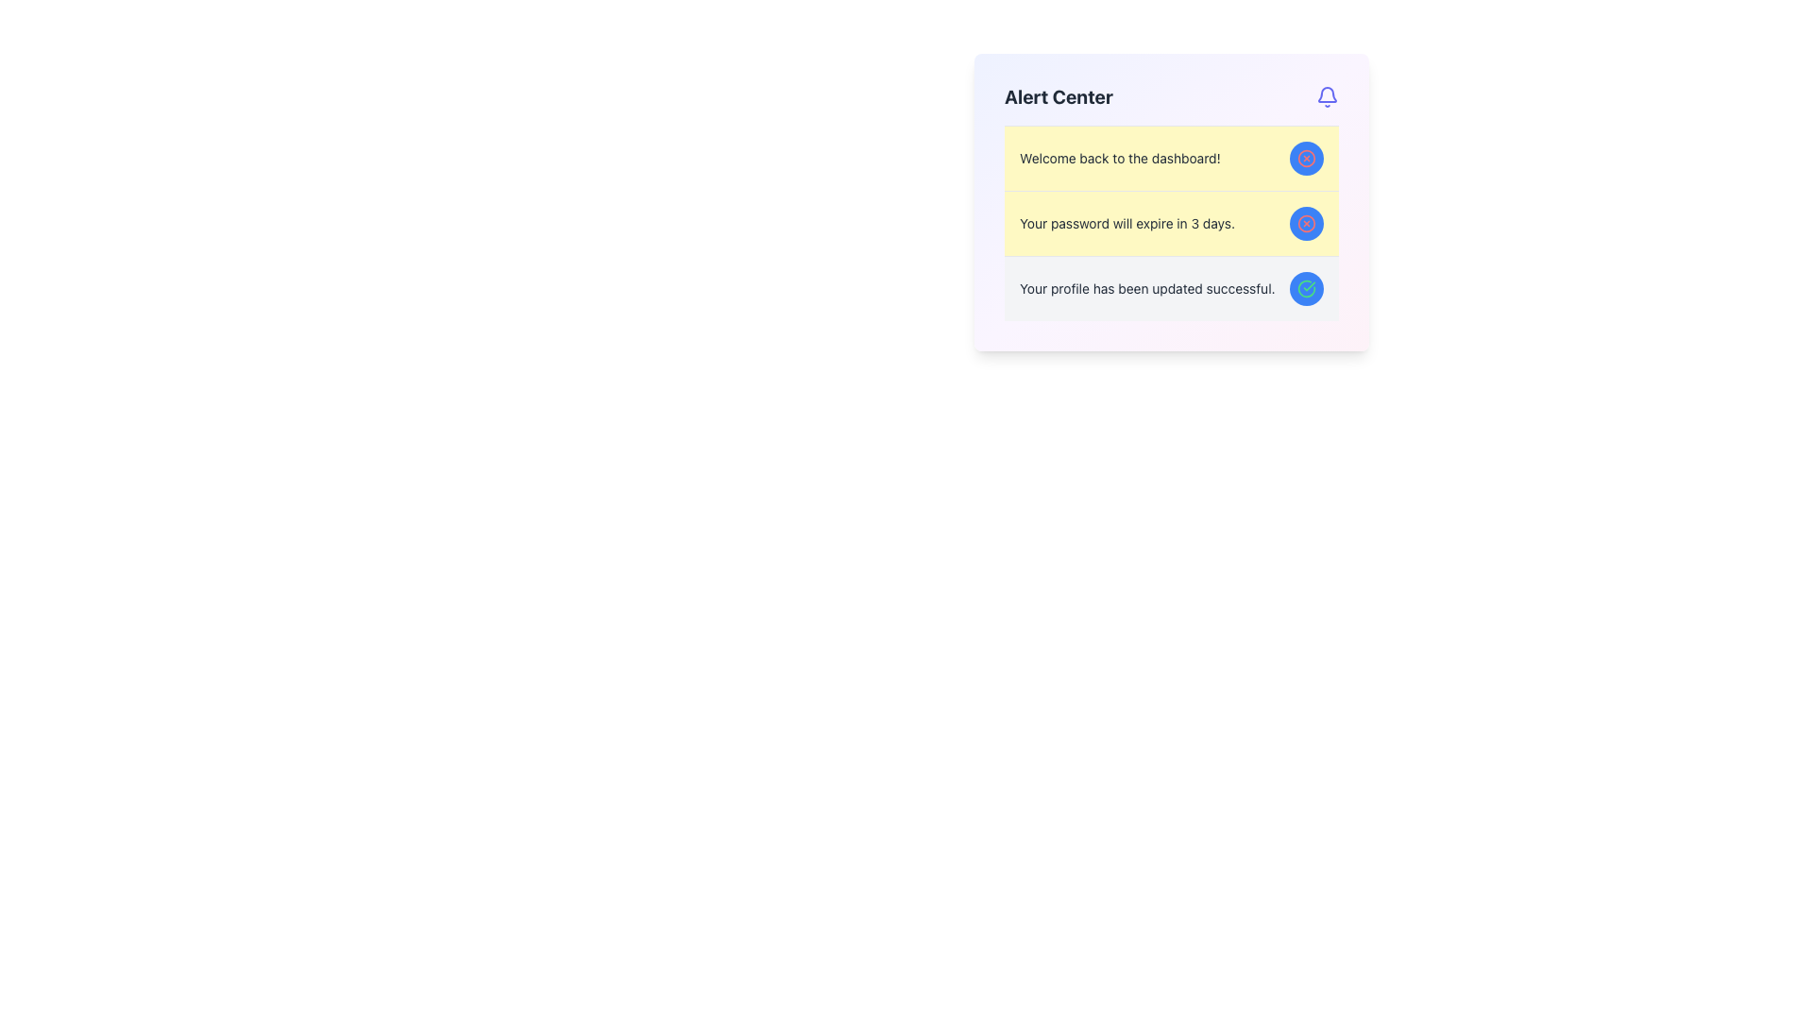 This screenshot has width=1813, height=1020. Describe the element at coordinates (1127, 222) in the screenshot. I see `the text label displaying 'Your password will expire in 3 days.'` at that location.